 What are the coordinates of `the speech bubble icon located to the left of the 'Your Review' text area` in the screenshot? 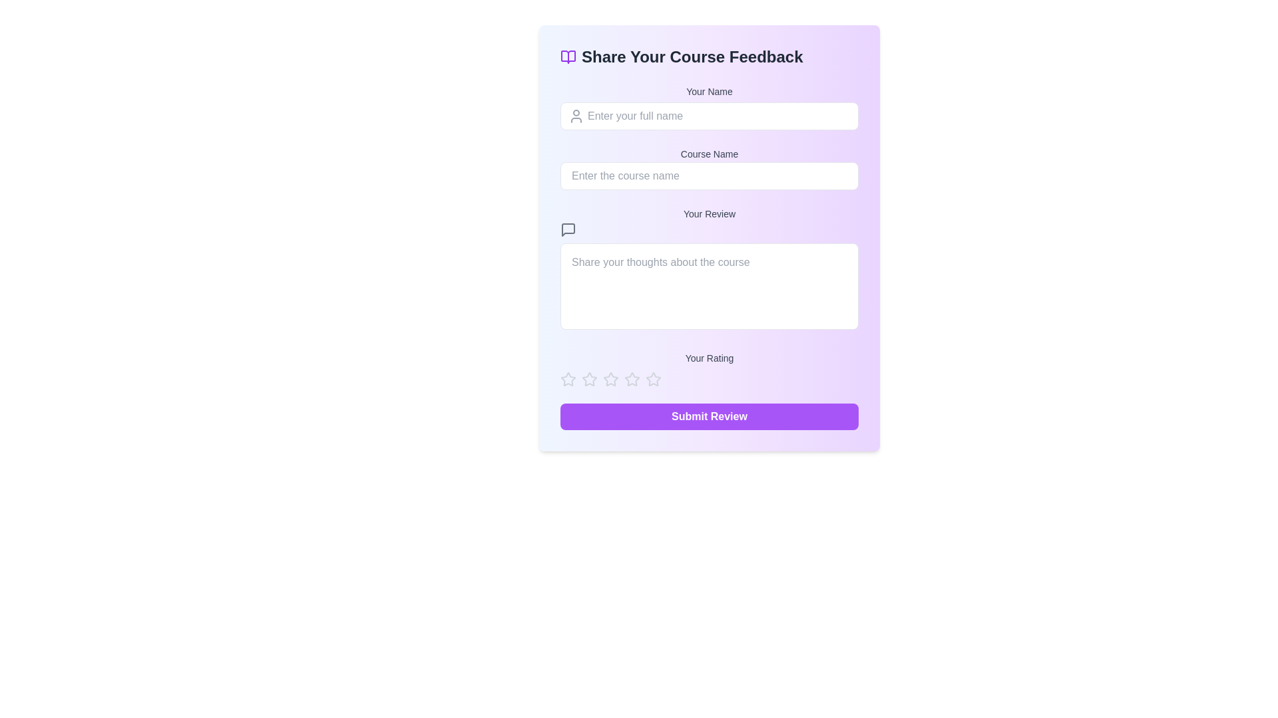 It's located at (568, 229).